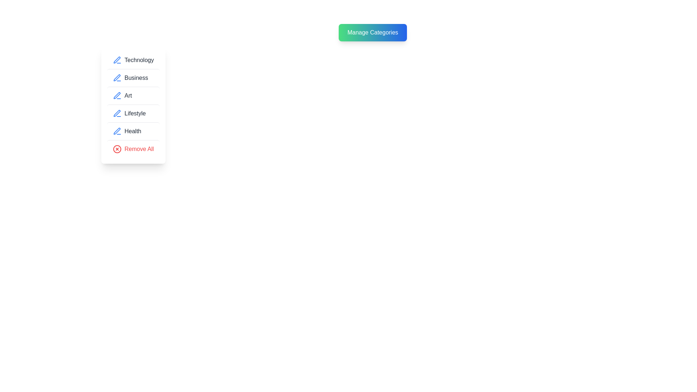 The height and width of the screenshot is (392, 697). I want to click on the category item corresponding to Technology, so click(133, 60).